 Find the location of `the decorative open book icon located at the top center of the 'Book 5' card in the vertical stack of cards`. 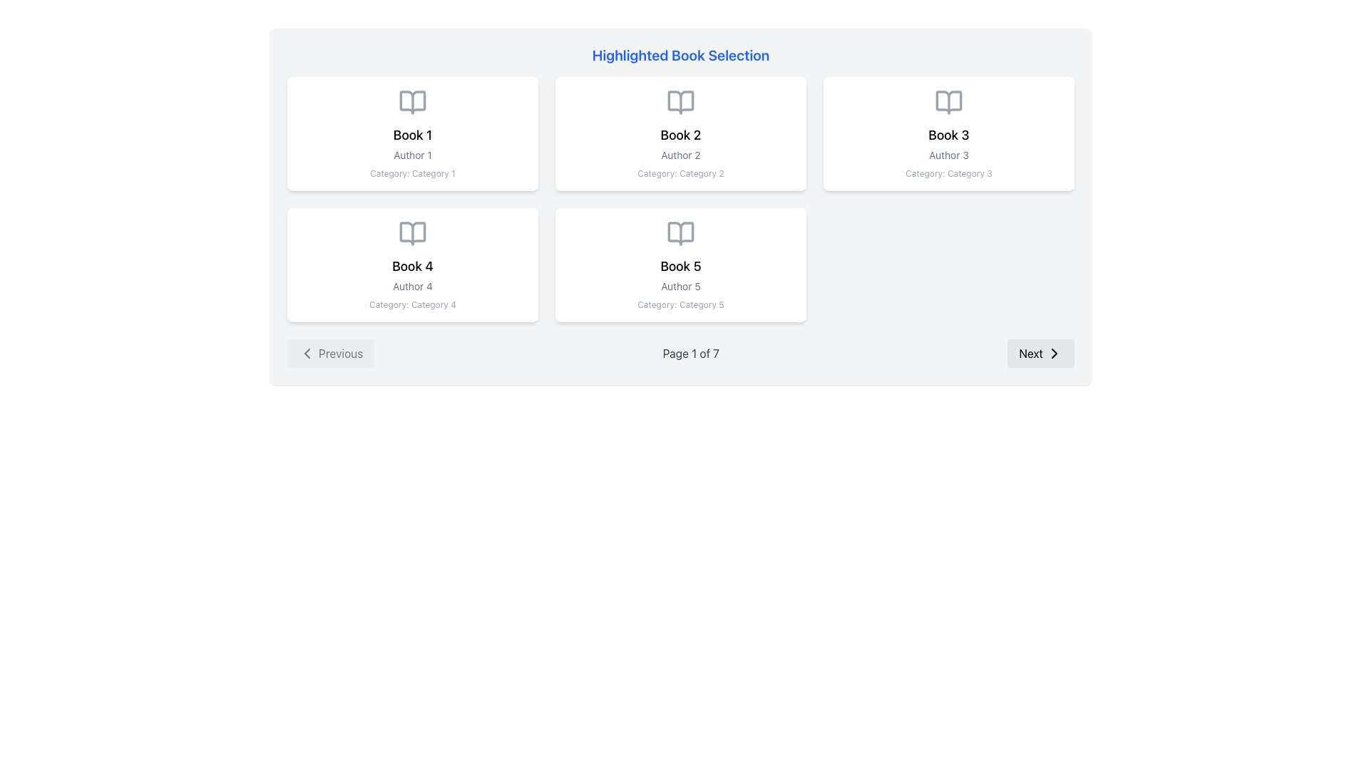

the decorative open book icon located at the top center of the 'Book 5' card in the vertical stack of cards is located at coordinates (680, 232).